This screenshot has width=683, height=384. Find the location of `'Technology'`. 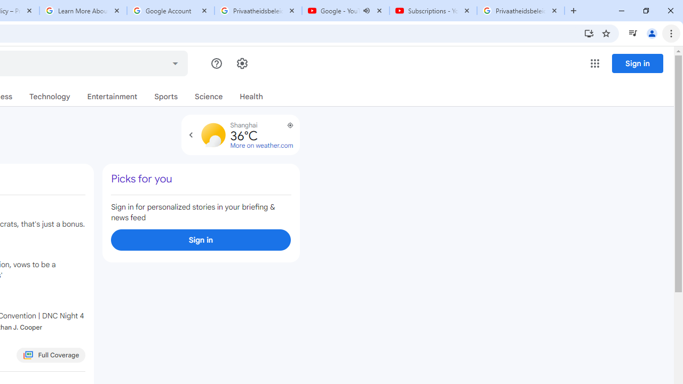

'Technology' is located at coordinates (49, 97).